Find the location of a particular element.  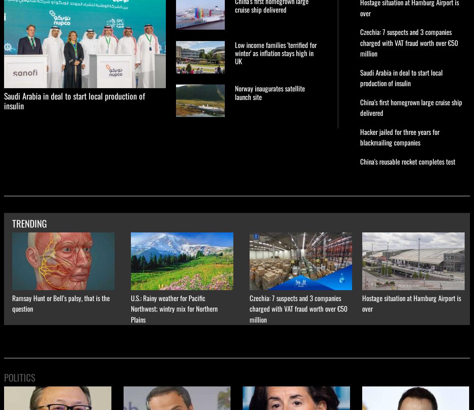

'Norway inaugurates satellite launch site' is located at coordinates (270, 92).